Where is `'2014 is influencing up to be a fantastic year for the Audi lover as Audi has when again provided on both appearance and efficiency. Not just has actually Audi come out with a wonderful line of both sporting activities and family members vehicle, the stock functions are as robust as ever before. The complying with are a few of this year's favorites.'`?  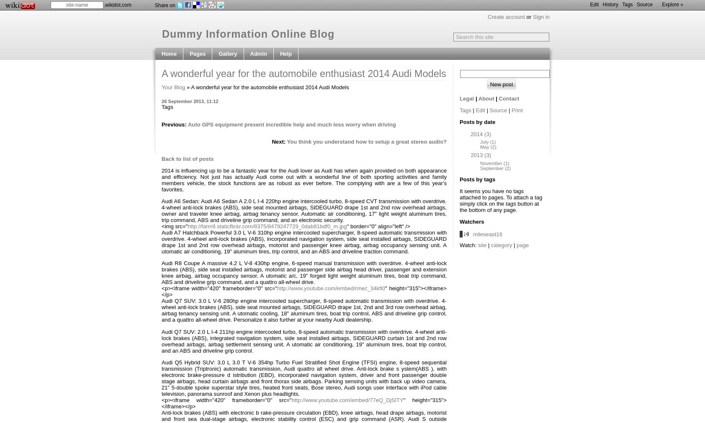
'2014 is influencing up to be a fantastic year for the Audi lover as Audi has when again provided on both appearance and efficiency. Not just has actually Audi come out with a wonderful line of both sporting activities and family members vehicle, the stock functions are as robust as ever before. The complying with are a few of this year's favorites.' is located at coordinates (161, 180).